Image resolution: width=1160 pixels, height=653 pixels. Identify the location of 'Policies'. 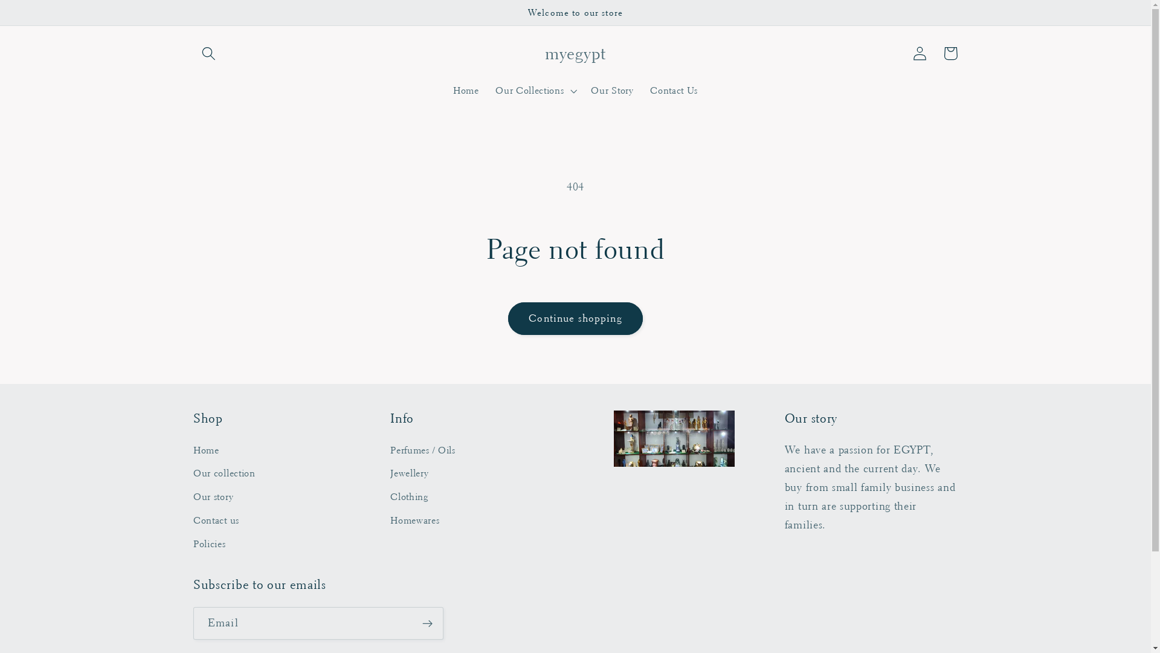
(193, 544).